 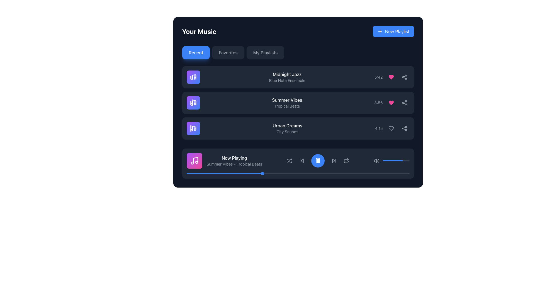 I want to click on the first music track in the 'Your Music' list, so click(x=298, y=77).